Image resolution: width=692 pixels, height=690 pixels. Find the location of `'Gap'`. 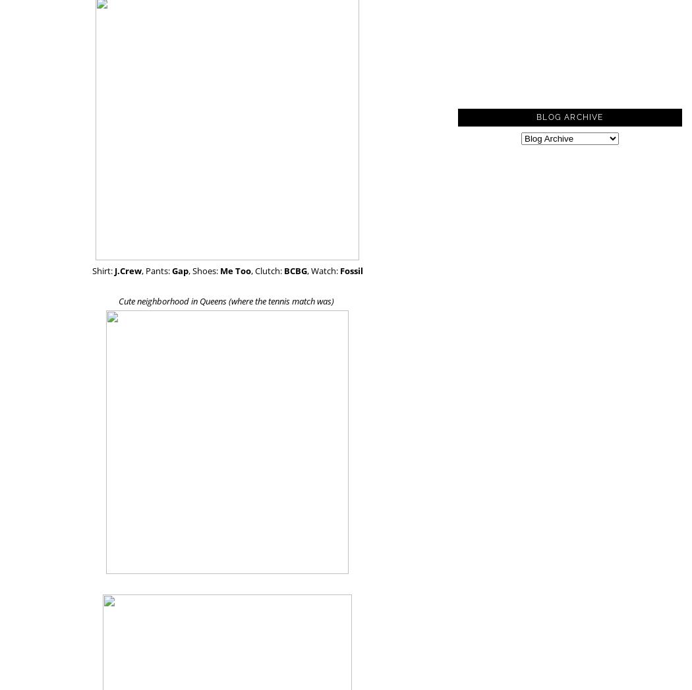

'Gap' is located at coordinates (179, 270).